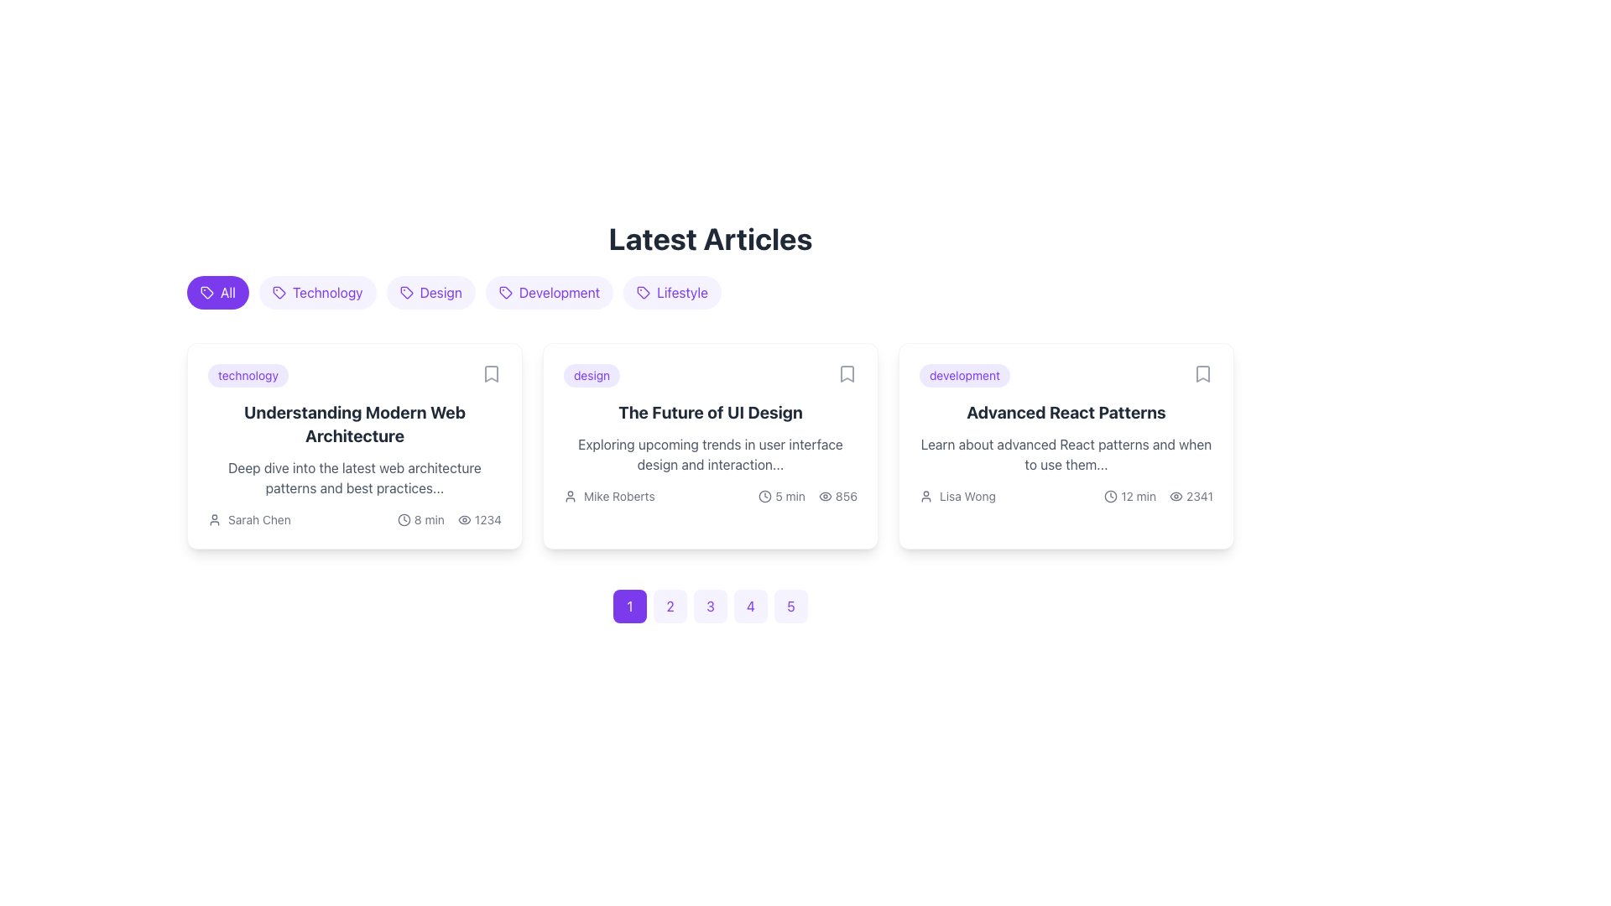 This screenshot has width=1611, height=906. What do you see at coordinates (464, 519) in the screenshot?
I see `the visibility icon located in the first card under the 'Latest Articles' section, which is positioned to the left of the numeric value '1234'` at bounding box center [464, 519].